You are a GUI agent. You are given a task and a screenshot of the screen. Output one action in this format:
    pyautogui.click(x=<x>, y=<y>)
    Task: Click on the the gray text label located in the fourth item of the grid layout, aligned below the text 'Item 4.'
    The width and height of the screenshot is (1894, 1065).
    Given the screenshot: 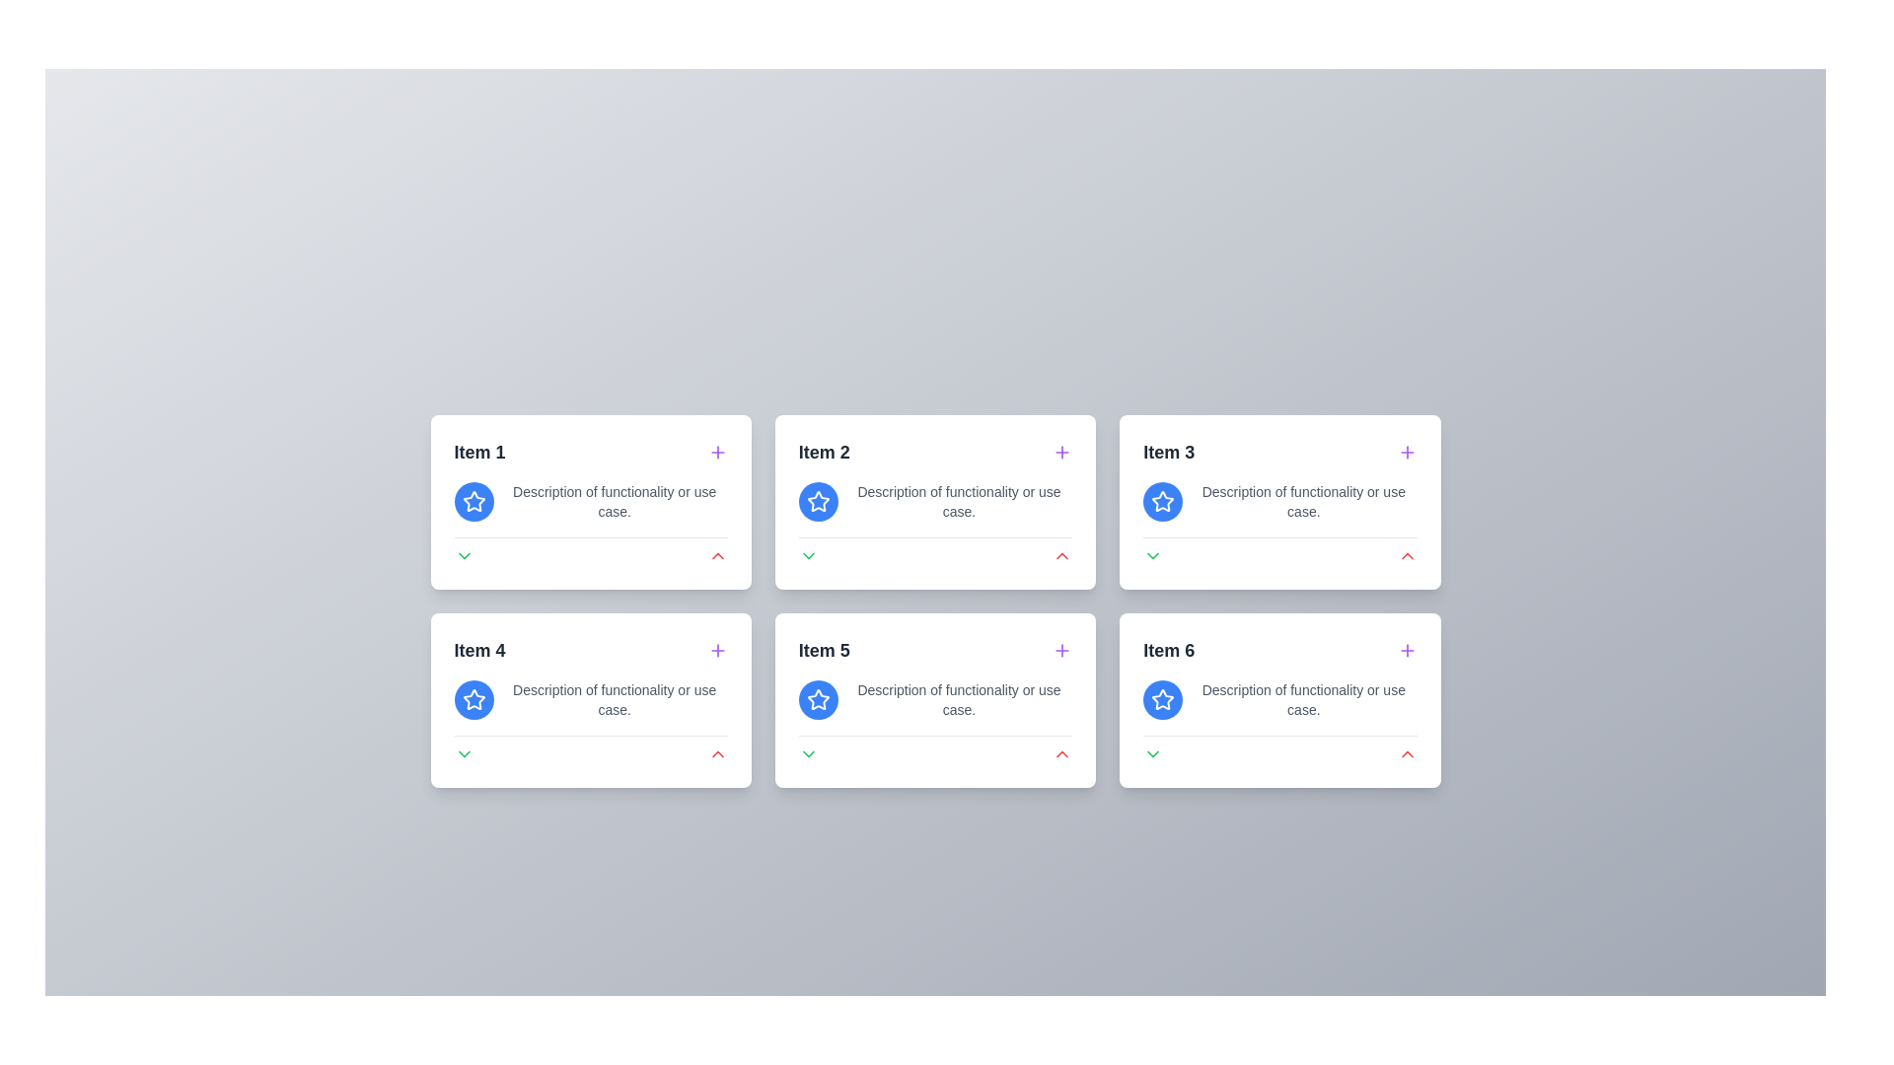 What is the action you would take?
    pyautogui.click(x=614, y=698)
    